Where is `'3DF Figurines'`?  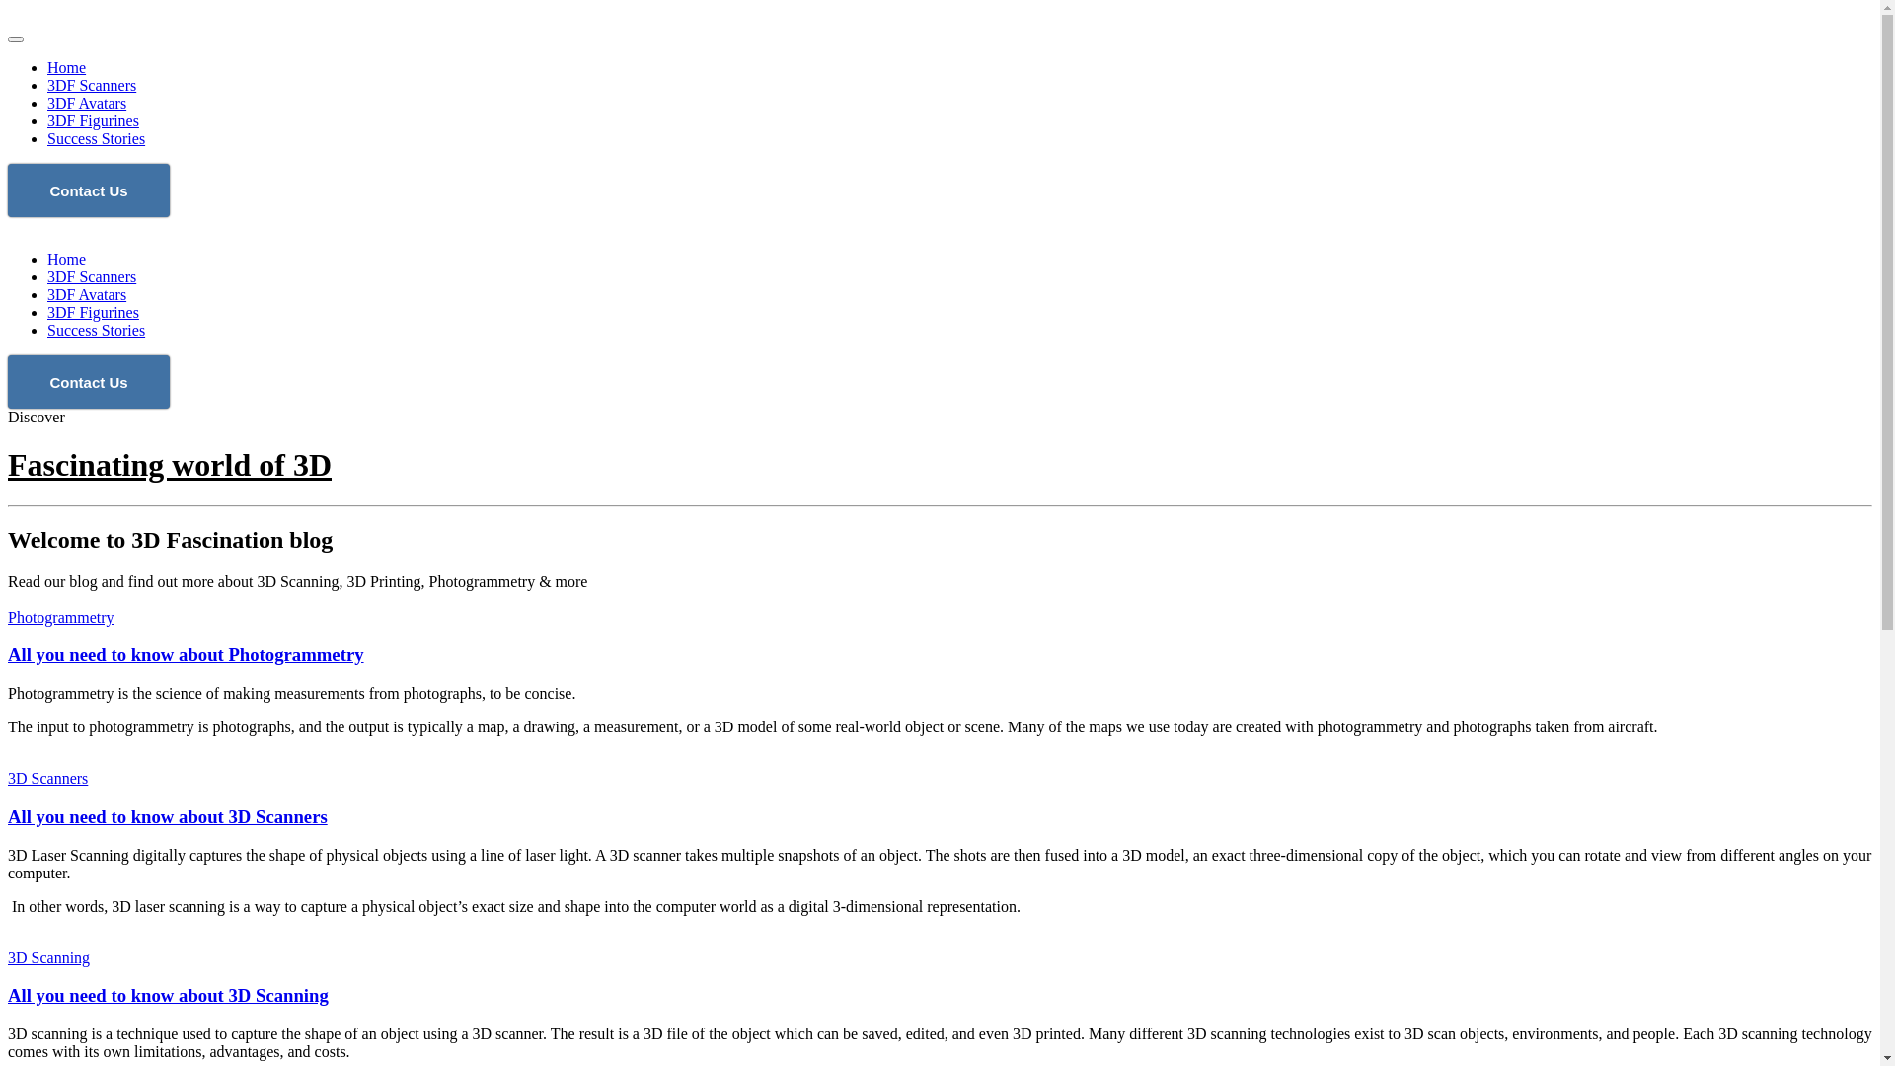
'3DF Figurines' is located at coordinates (92, 311).